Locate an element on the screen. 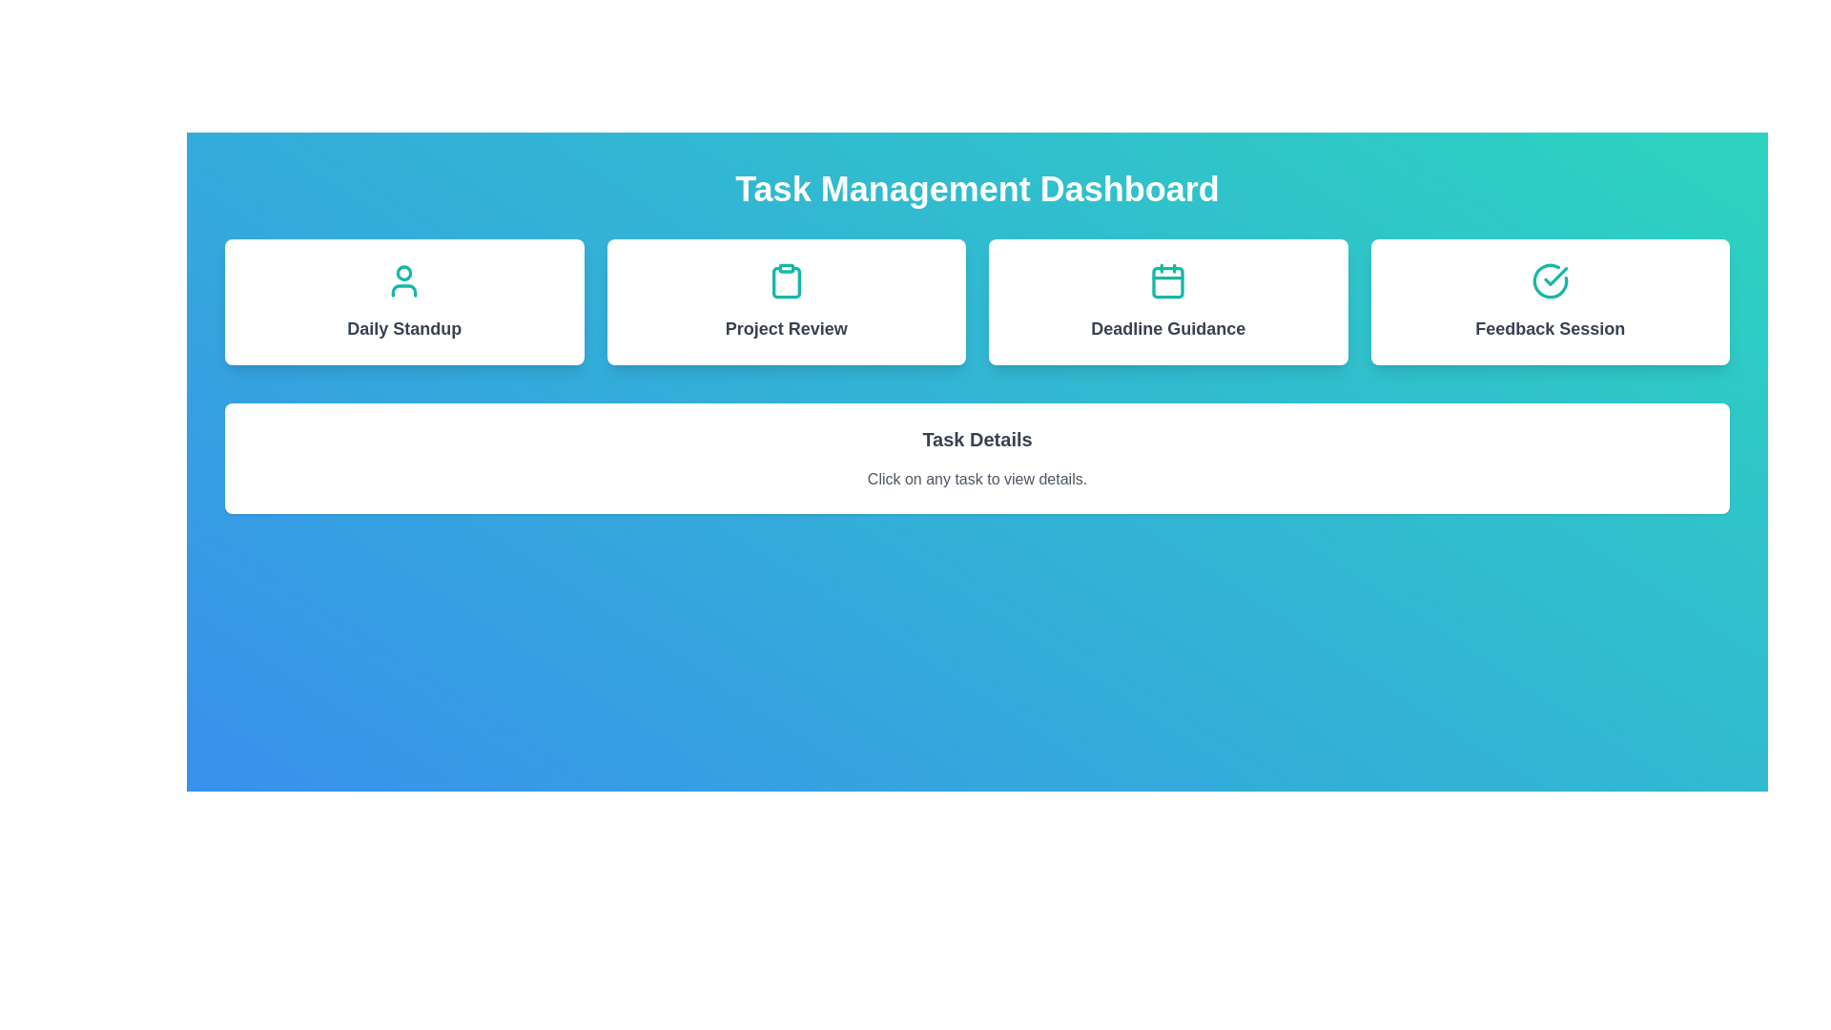 The width and height of the screenshot is (1831, 1030). the small SVG Circle with a teal stroke and white fill, which is part of the icon representation above the 'Daily Standup' label in the user interface is located at coordinates (403, 273).